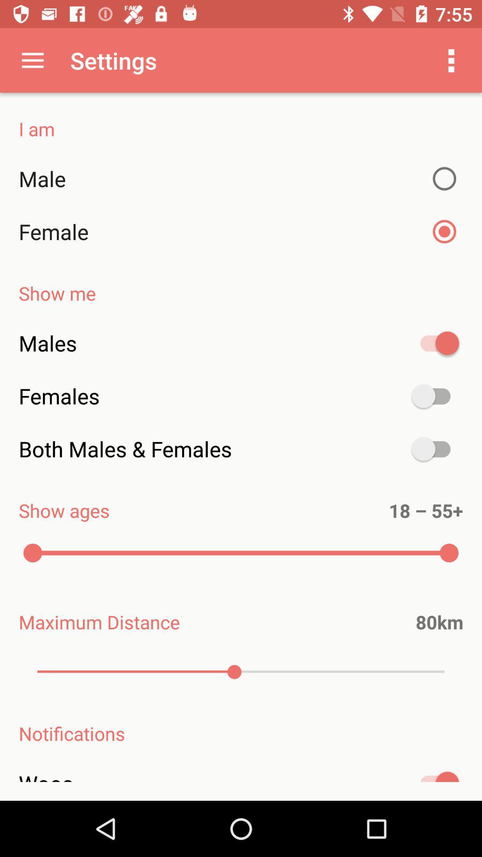 The height and width of the screenshot is (857, 482). What do you see at coordinates (241, 449) in the screenshot?
I see `the item below the females item` at bounding box center [241, 449].